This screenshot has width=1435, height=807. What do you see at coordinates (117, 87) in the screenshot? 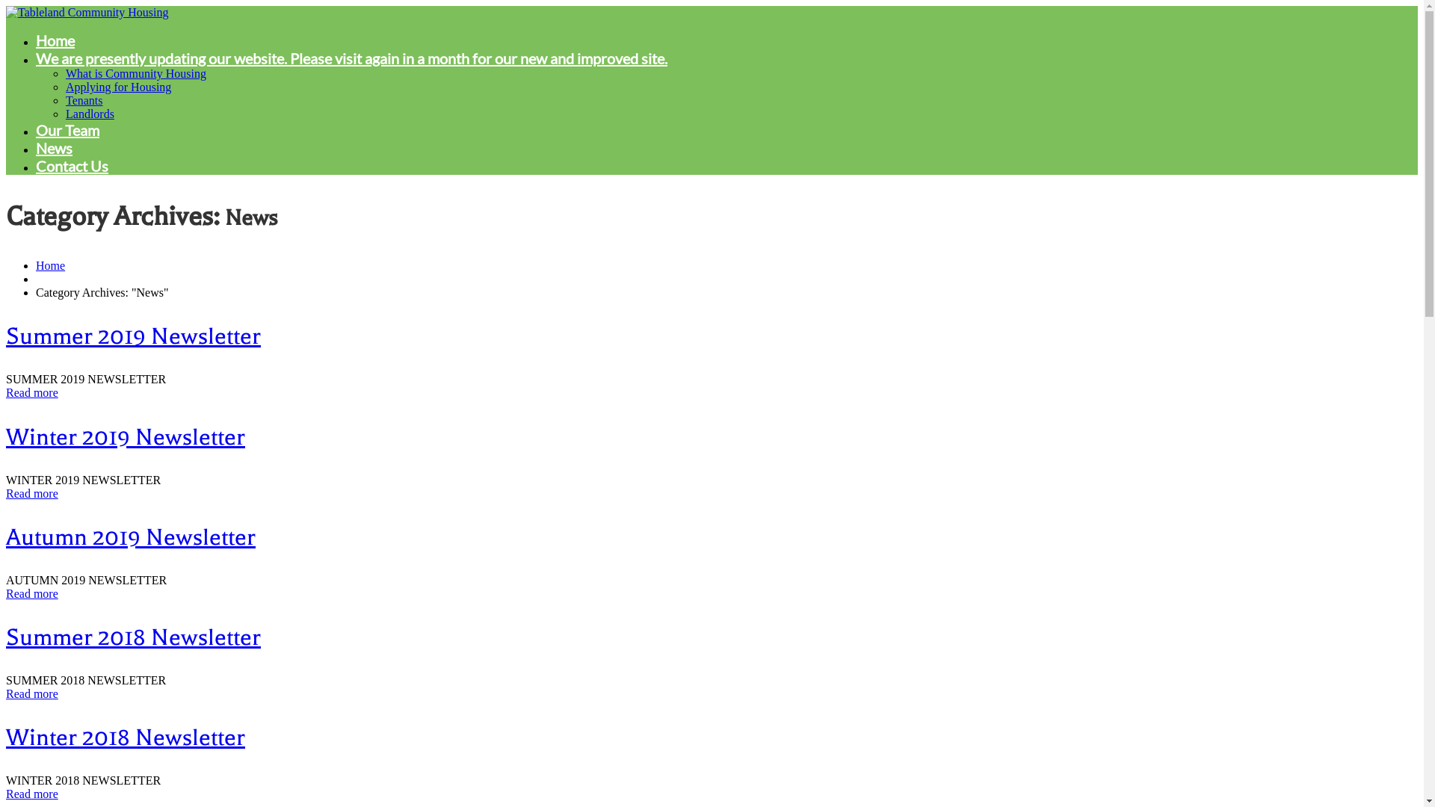
I see `'Applying for Housing'` at bounding box center [117, 87].